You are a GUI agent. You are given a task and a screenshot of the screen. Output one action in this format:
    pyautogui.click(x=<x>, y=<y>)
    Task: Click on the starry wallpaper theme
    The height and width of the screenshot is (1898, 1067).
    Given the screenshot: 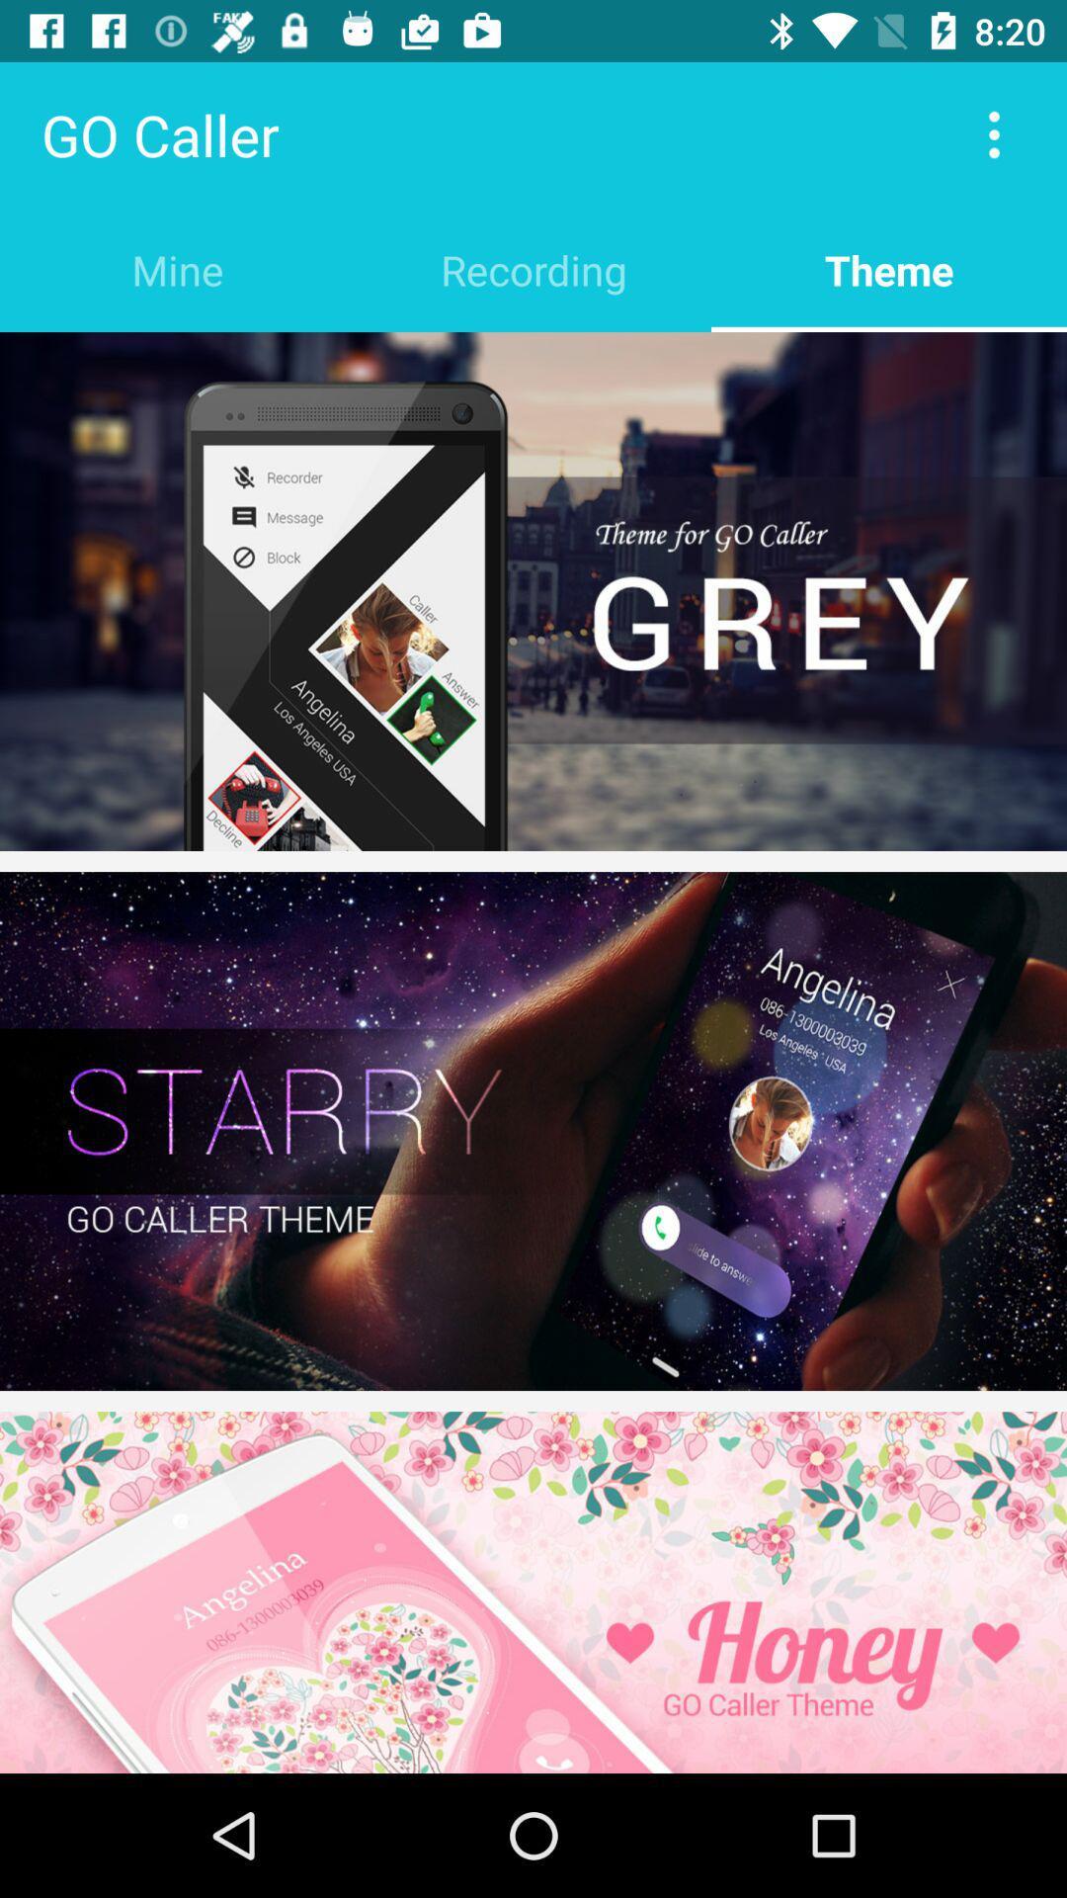 What is the action you would take?
    pyautogui.click(x=533, y=1131)
    